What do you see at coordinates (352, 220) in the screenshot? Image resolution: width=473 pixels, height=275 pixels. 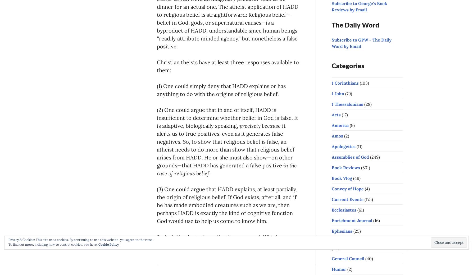 I see `'Enrichment Journal'` at bounding box center [352, 220].